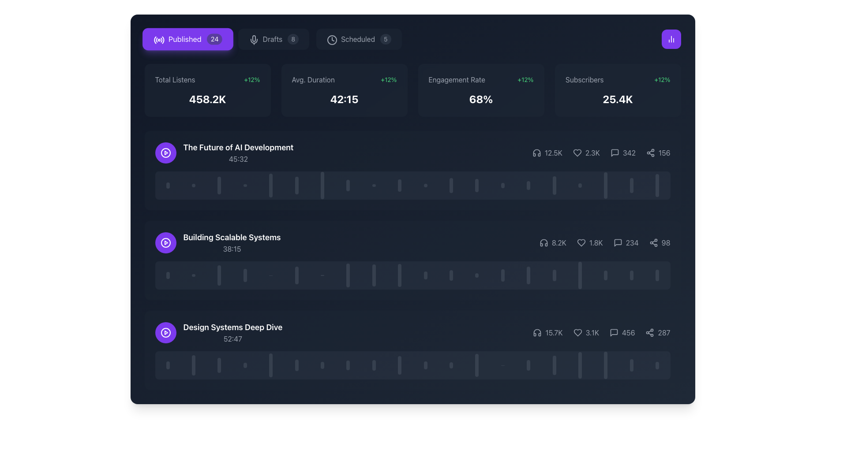 This screenshot has width=847, height=476. I want to click on the fourth vertical bar in the 'Building Scalable Systems' section of the data visualization, which is a non-interactive graphical representation element, so click(245, 275).